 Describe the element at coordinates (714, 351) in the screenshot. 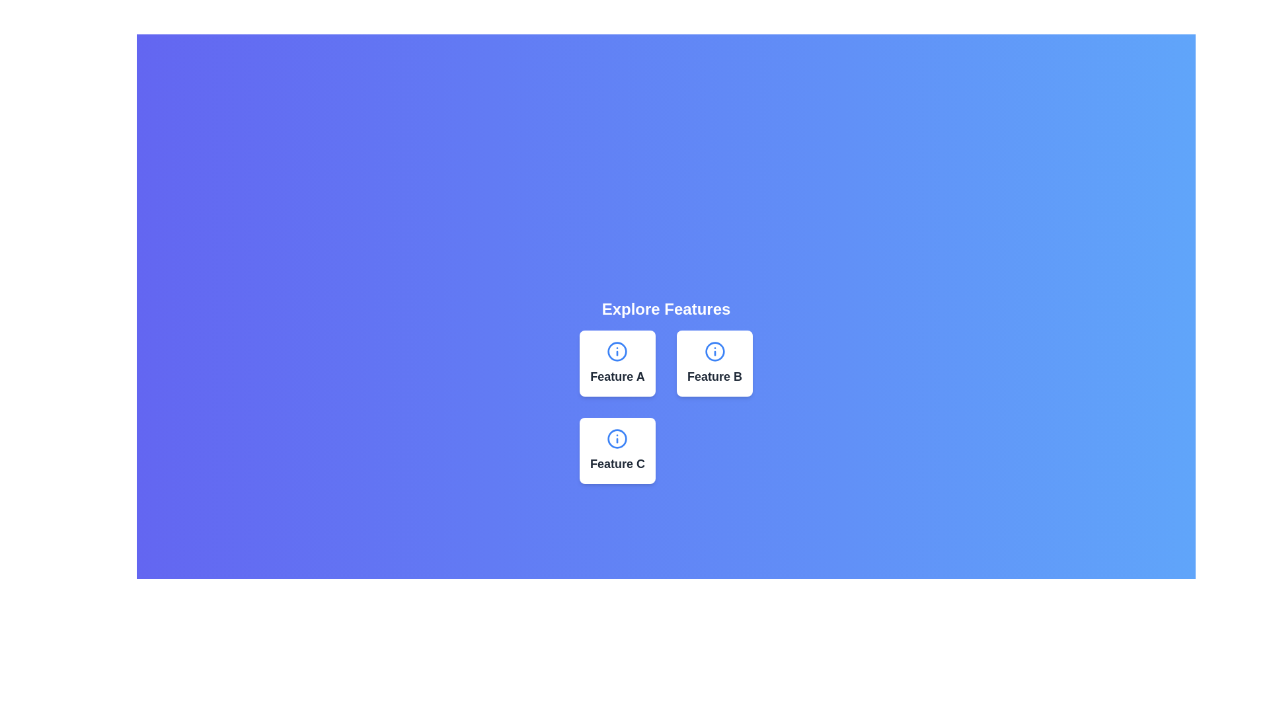

I see `the SVG Circle Element representing an informational icon located inside the square card labeled 'Feature B', which is the second card in a three-card layout` at that location.